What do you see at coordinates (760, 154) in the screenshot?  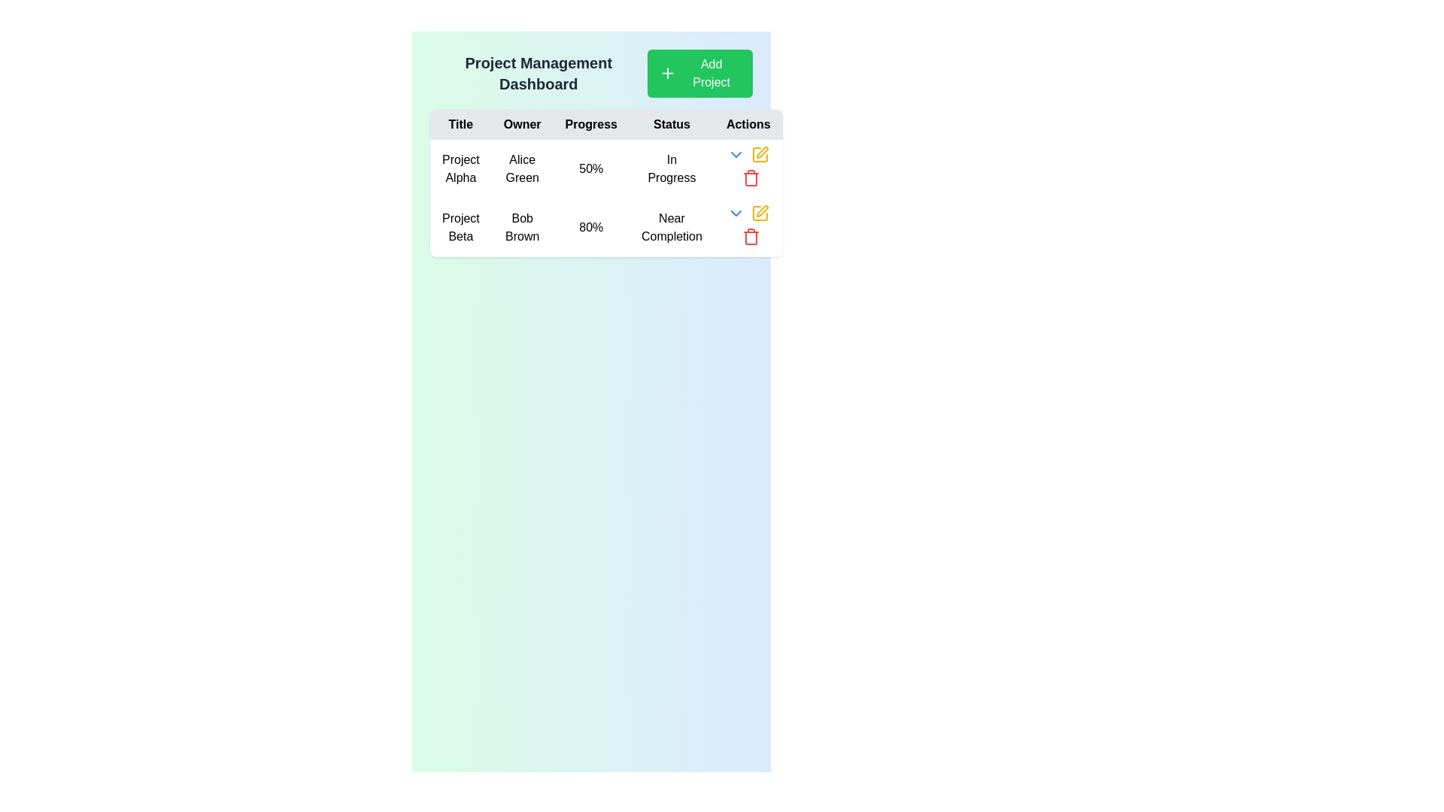 I see `the edit button located in the 'Actions' column of the first row of the table` at bounding box center [760, 154].